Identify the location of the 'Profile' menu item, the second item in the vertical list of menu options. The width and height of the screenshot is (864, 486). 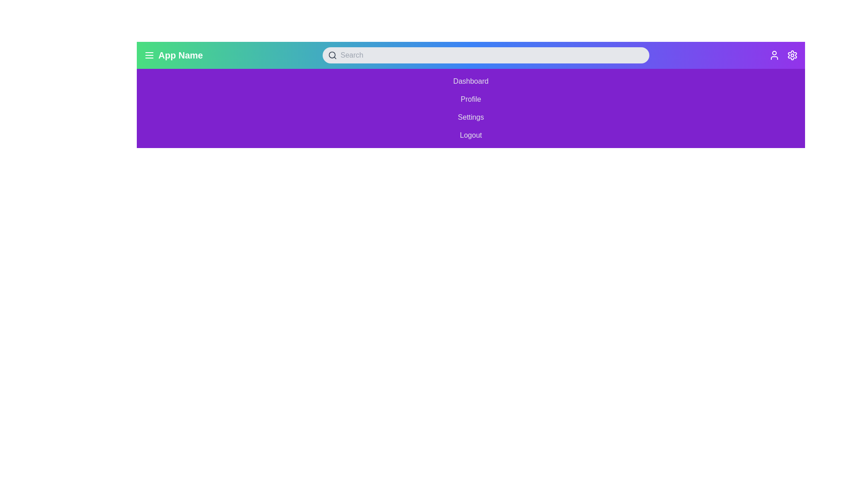
(470, 99).